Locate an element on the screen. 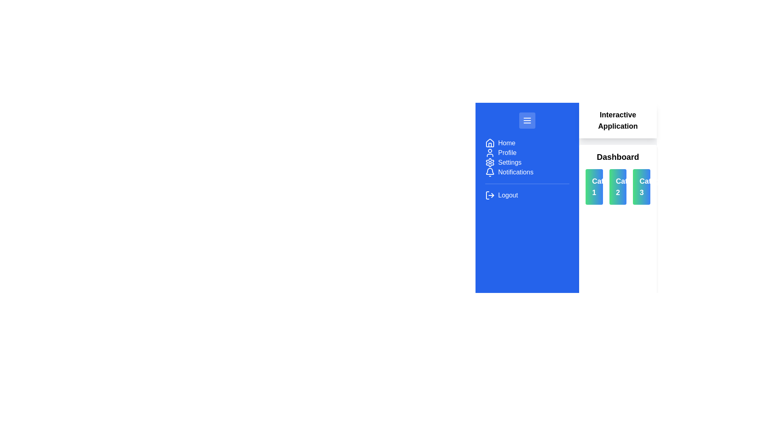  the 'Profile' menu item, which is the second item in the blue sidebar is located at coordinates (527, 153).